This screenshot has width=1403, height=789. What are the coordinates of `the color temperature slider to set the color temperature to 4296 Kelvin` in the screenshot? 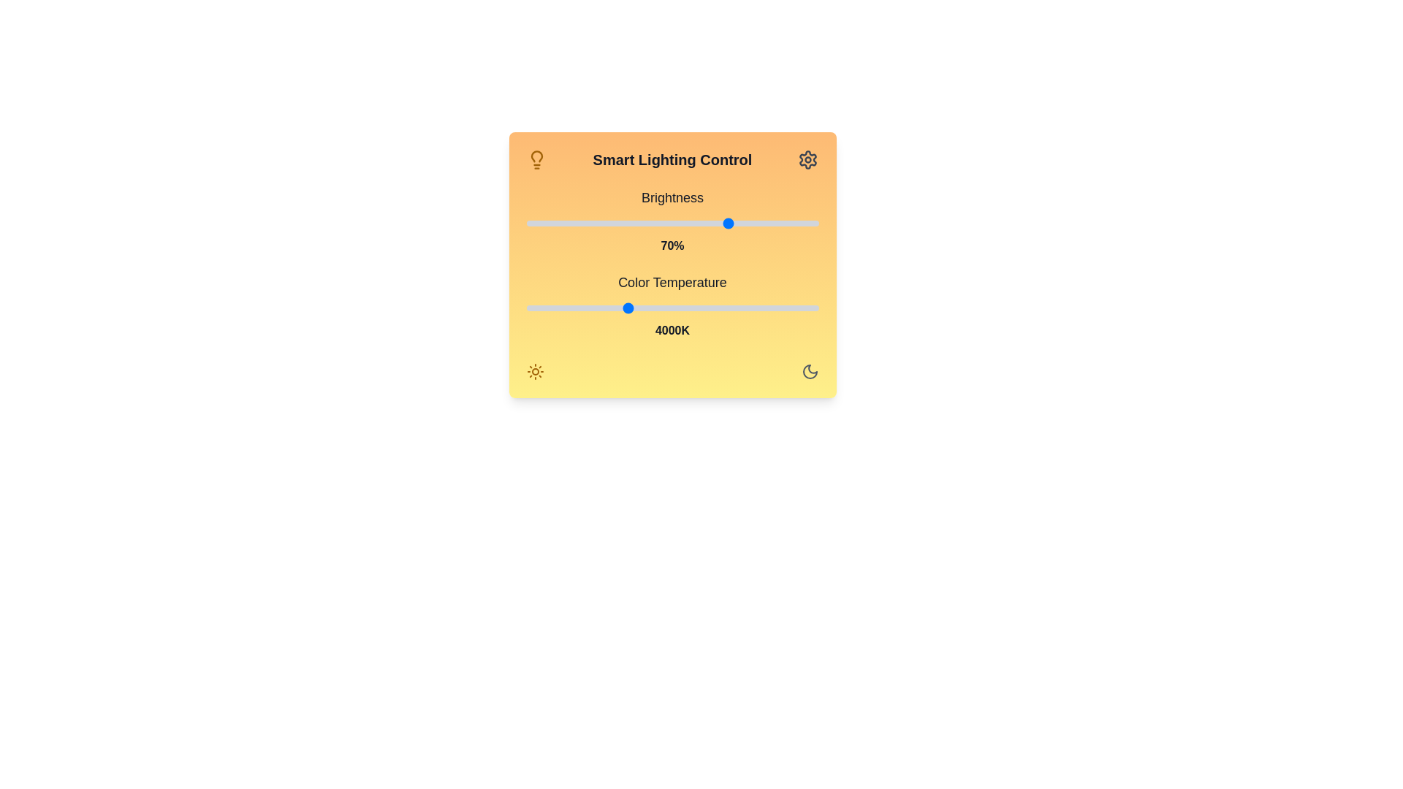 It's located at (648, 307).